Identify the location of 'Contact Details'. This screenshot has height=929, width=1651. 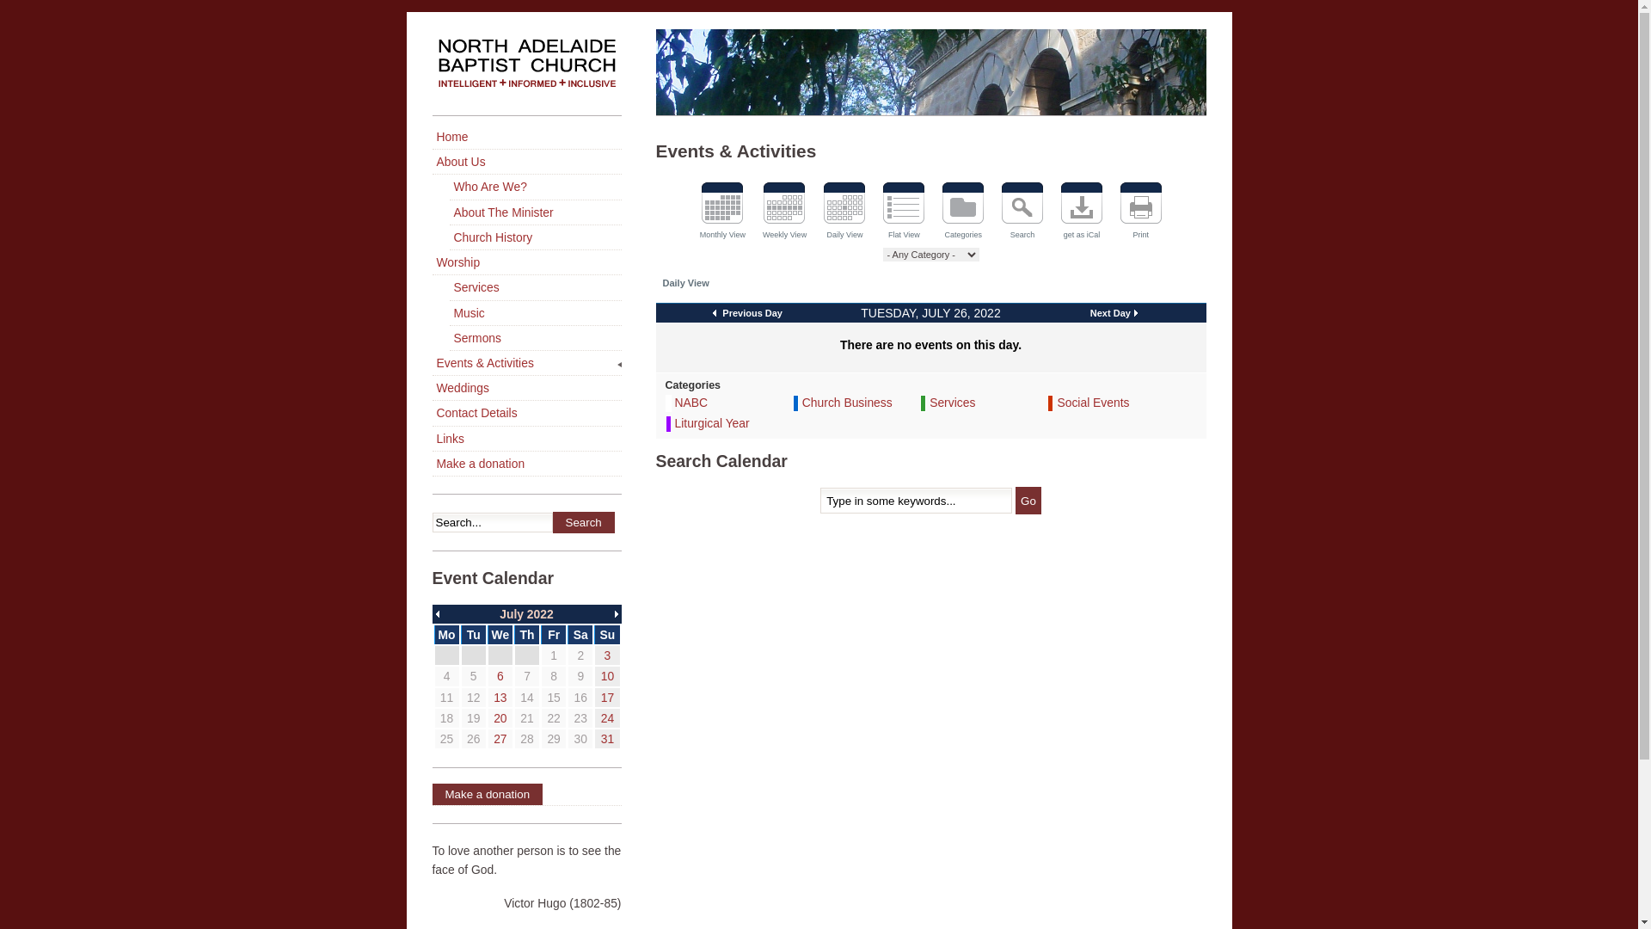
(525, 413).